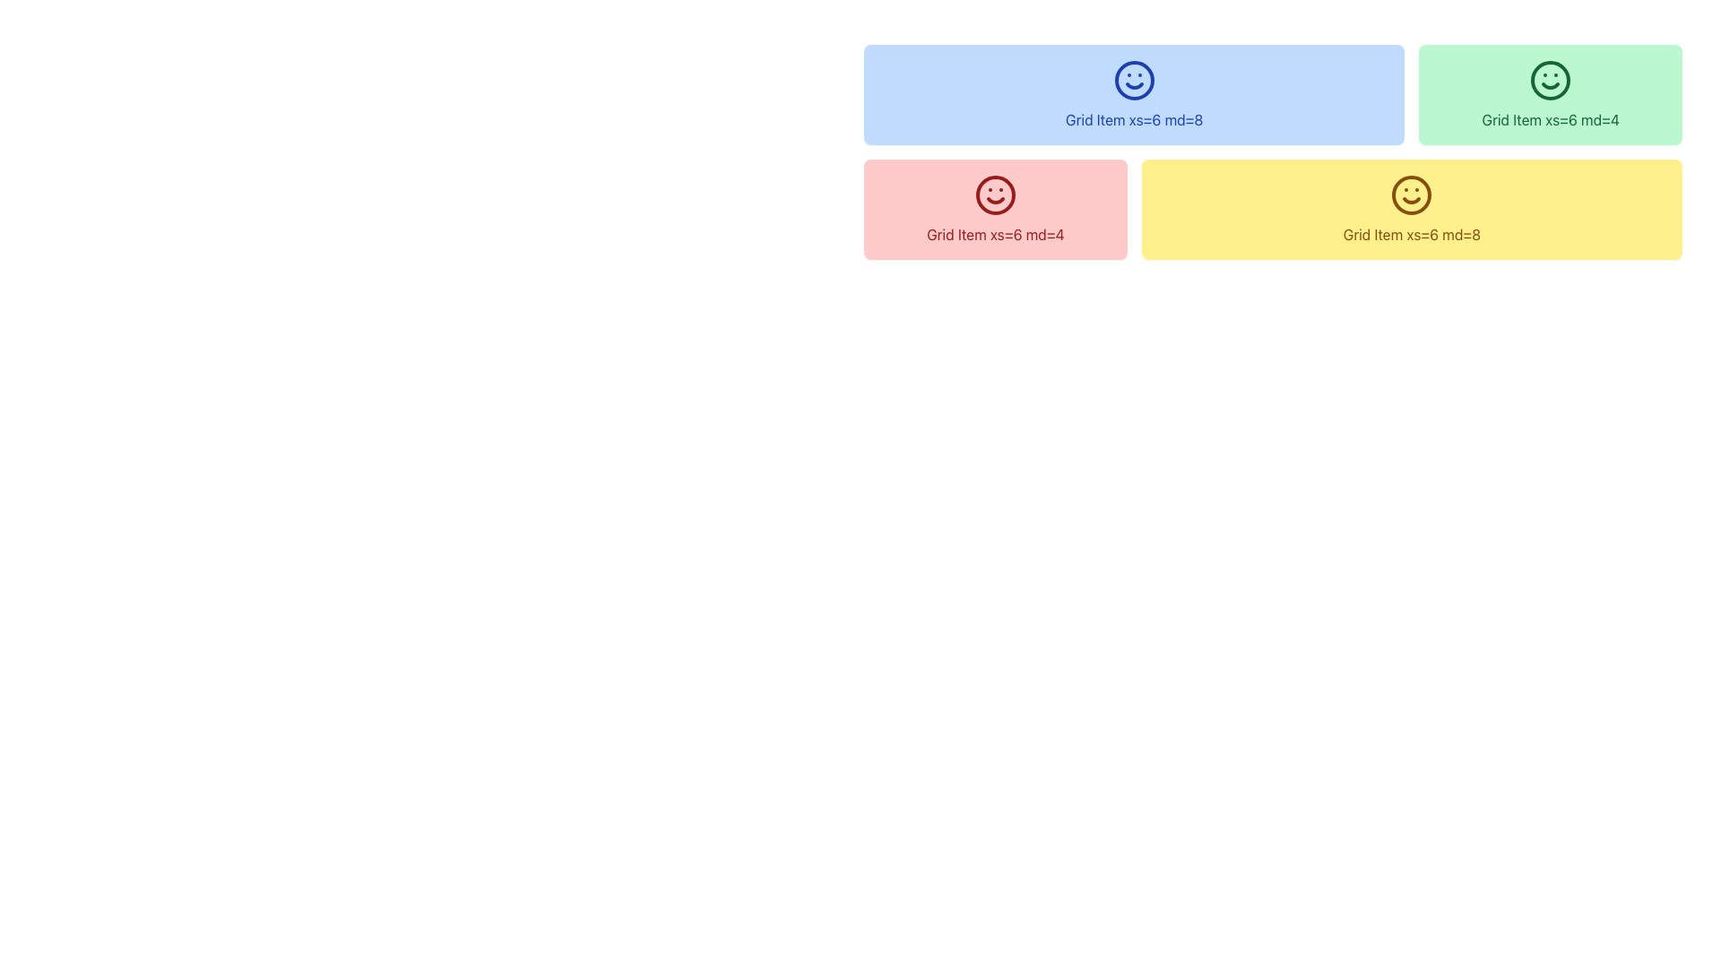  Describe the element at coordinates (994, 209) in the screenshot. I see `the information card located in the second row and first column of the grid display, positioned below the blue card and` at that location.